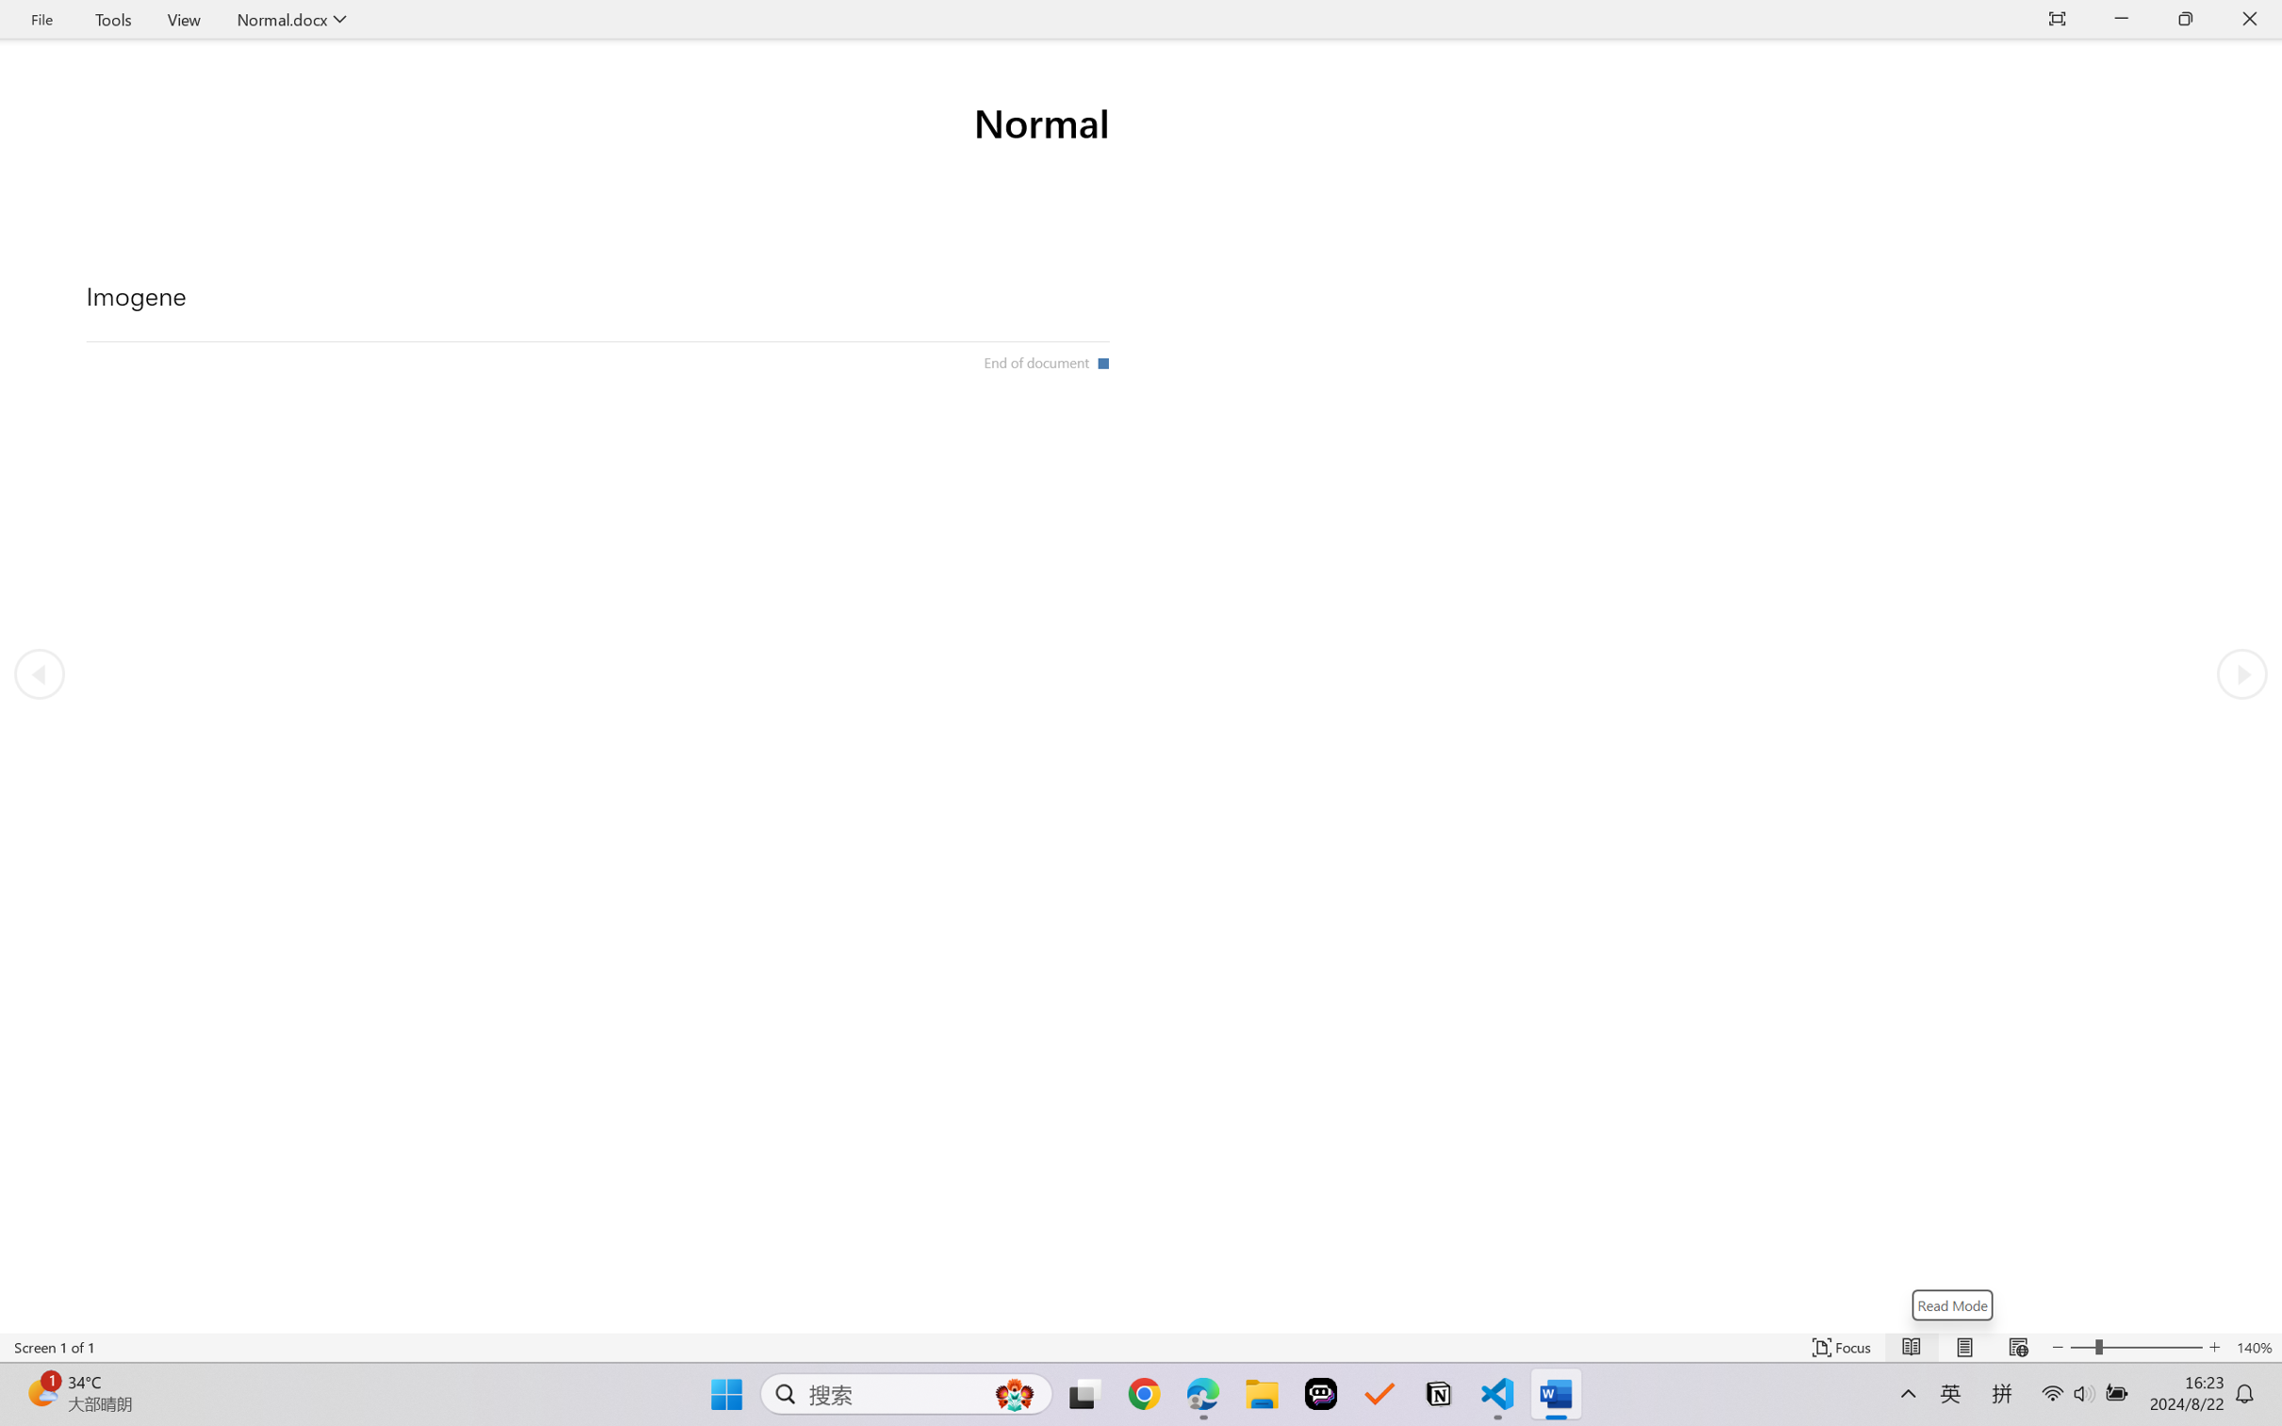 Image resolution: width=2282 pixels, height=1426 pixels. What do you see at coordinates (114, 19) in the screenshot?
I see `'Tools'` at bounding box center [114, 19].